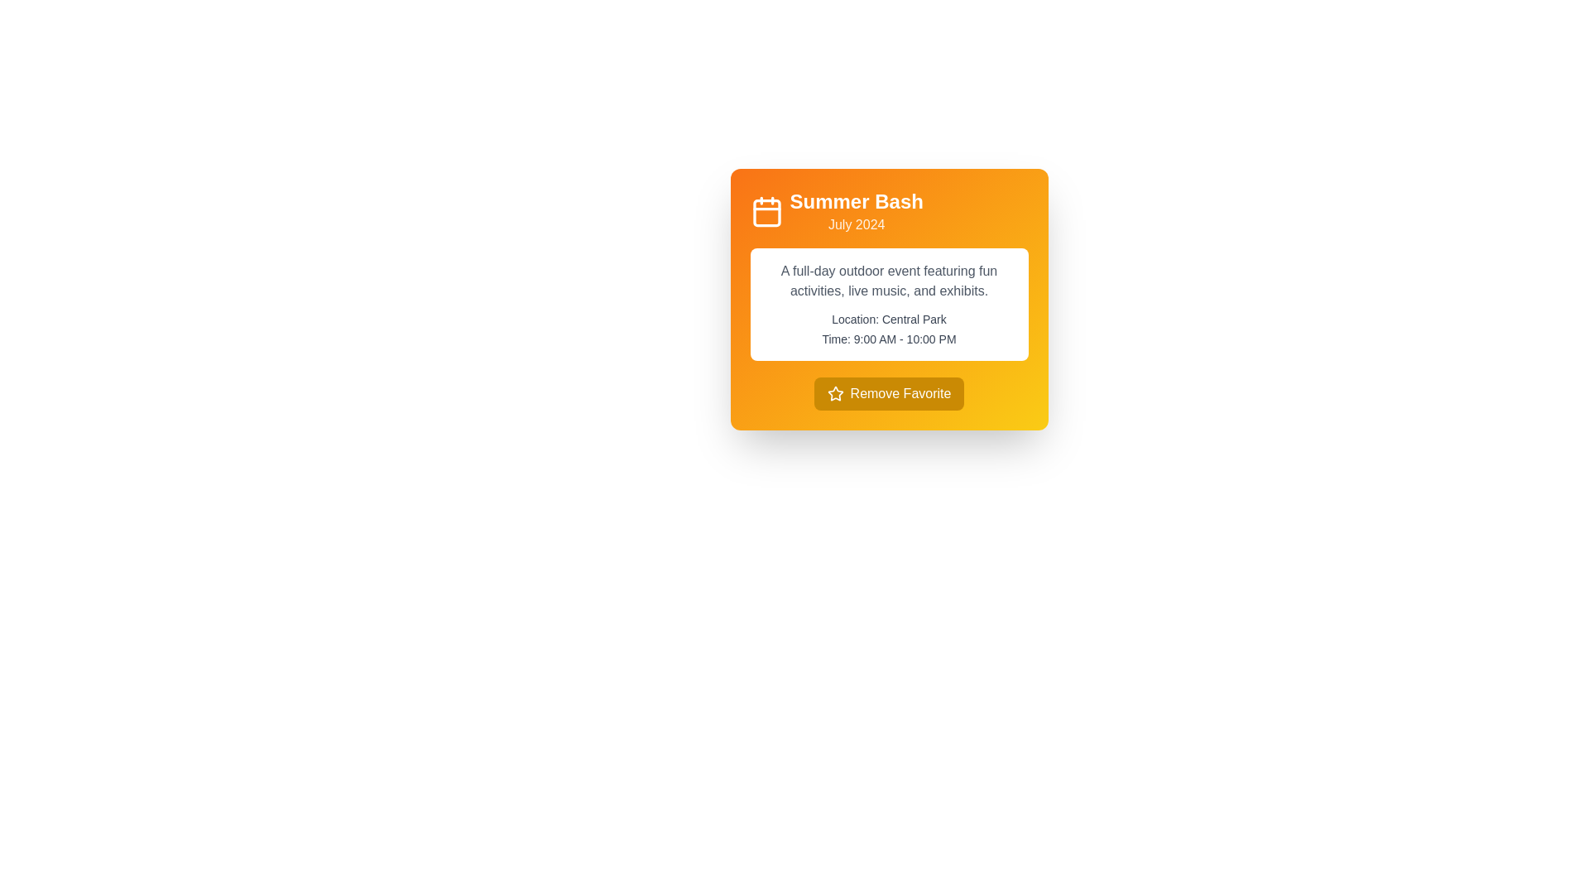  Describe the element at coordinates (888, 304) in the screenshot. I see `the white text box containing the event description text, which is located below 'Summer Bash July 2024' and above the 'Remove Favorite' button` at that location.